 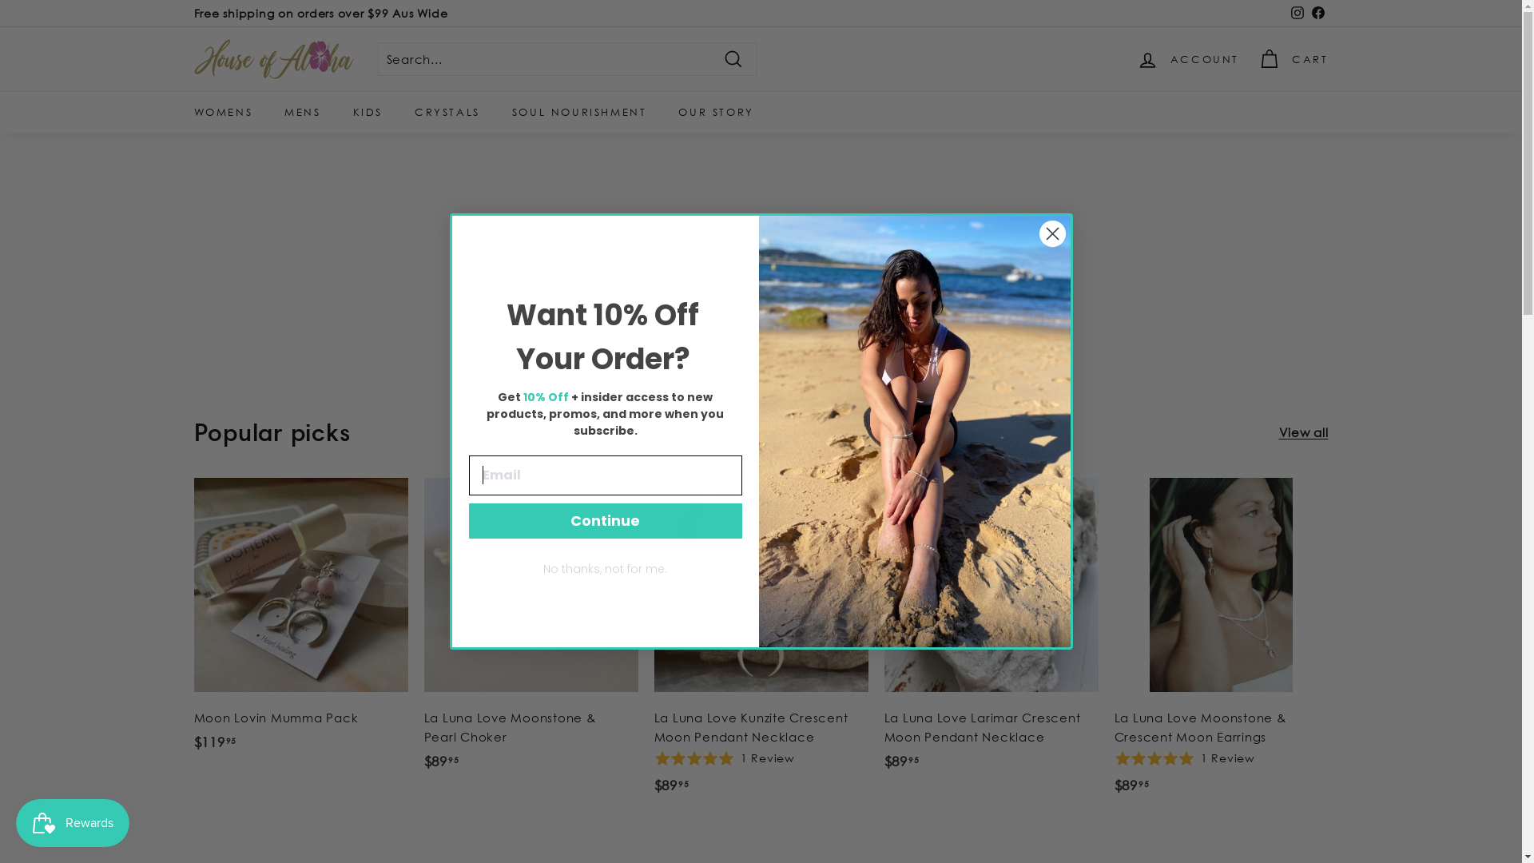 What do you see at coordinates (604, 520) in the screenshot?
I see `'Continue'` at bounding box center [604, 520].